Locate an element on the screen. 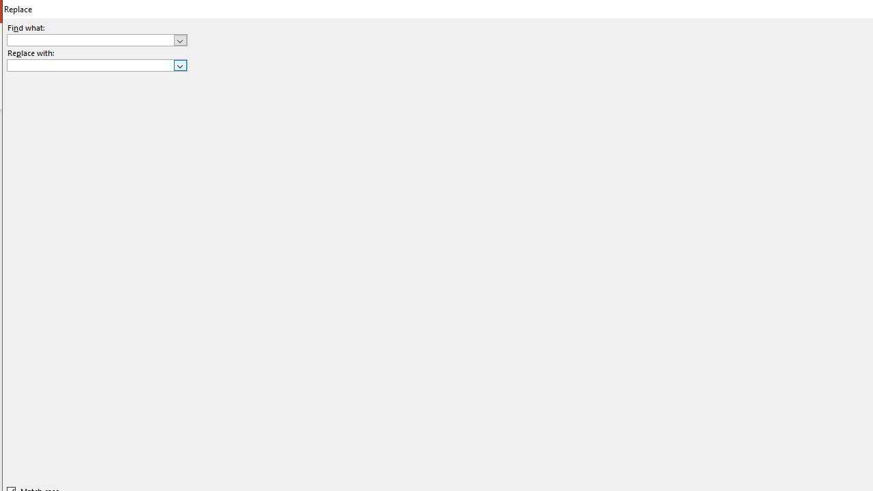 This screenshot has width=873, height=491. 'Replace with' is located at coordinates (96, 65).